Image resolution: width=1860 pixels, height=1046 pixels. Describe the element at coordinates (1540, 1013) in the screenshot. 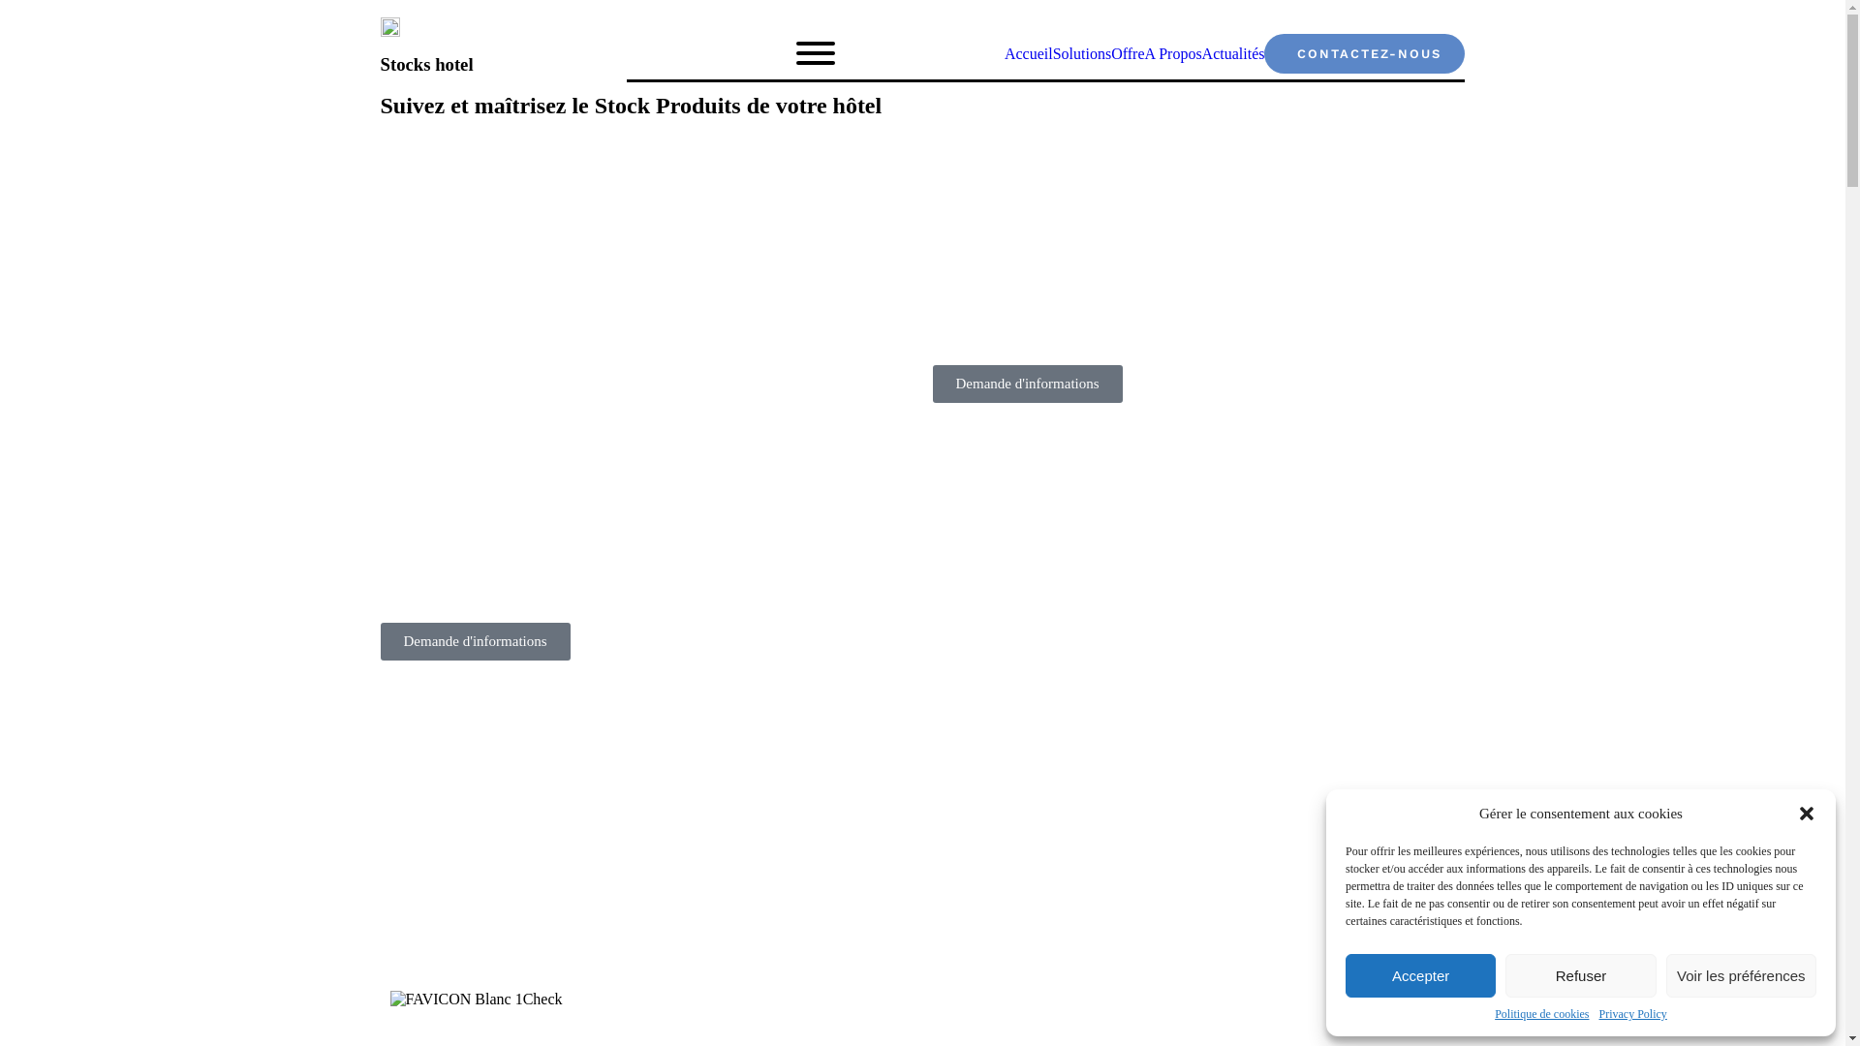

I see `'Politique de cookies'` at that location.